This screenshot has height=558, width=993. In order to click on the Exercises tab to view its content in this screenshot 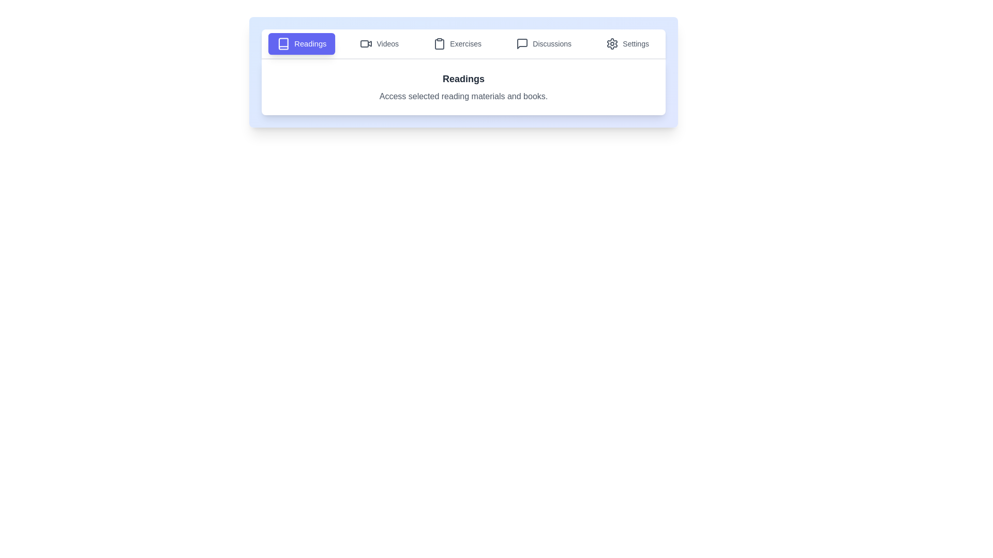, I will do `click(457, 43)`.